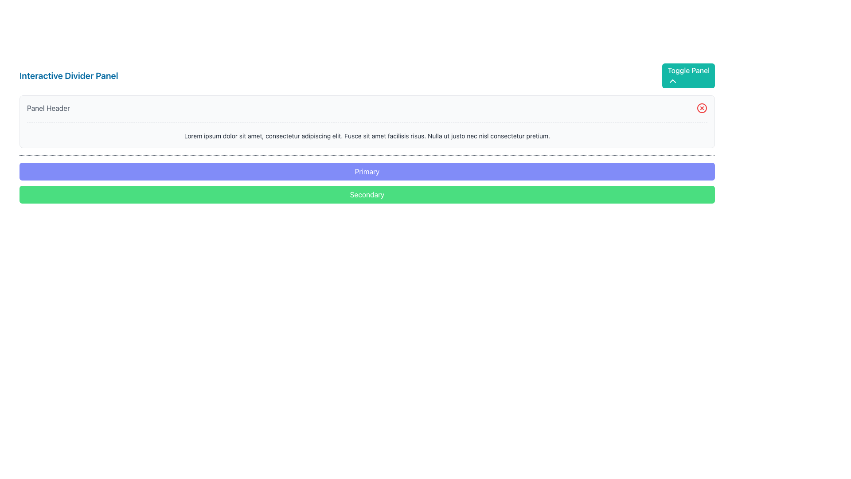 The image size is (851, 479). I want to click on the thin, horizontal gray dotted divider located between the descriptive text and the buttons labeled 'Primary' and 'Secondary', so click(367, 155).